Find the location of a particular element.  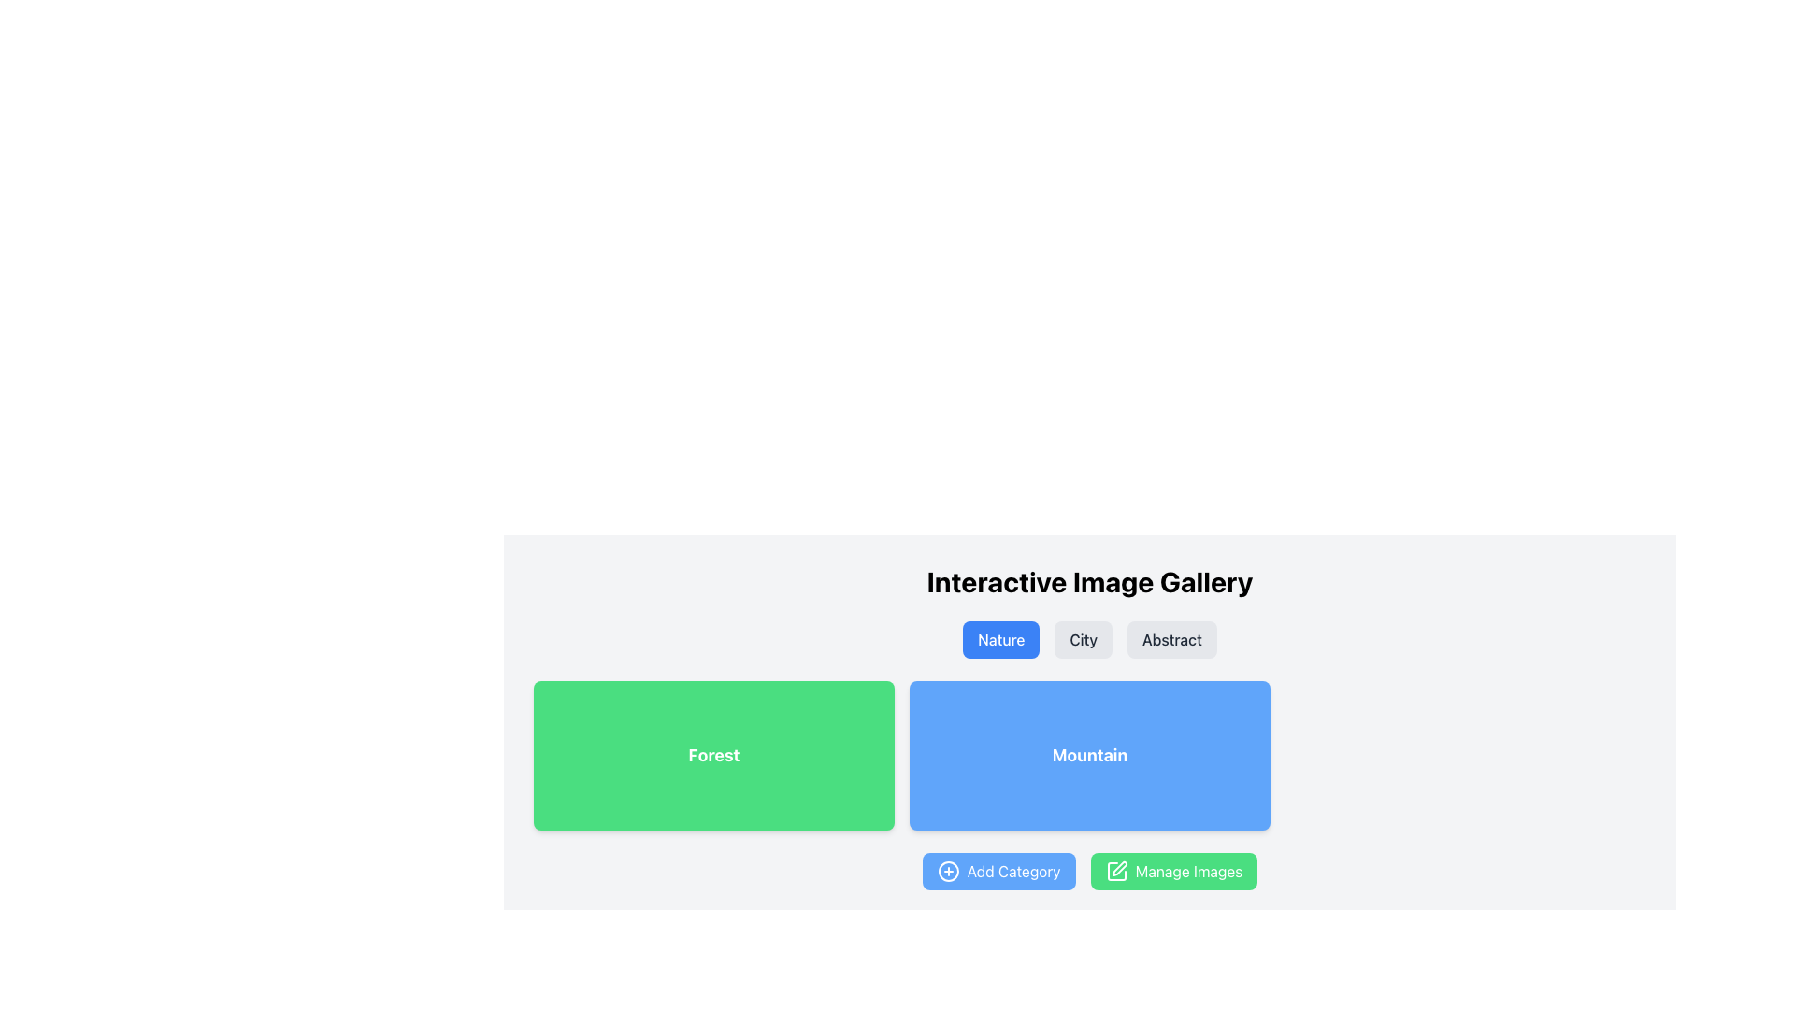

the selectable button representing the 'Forest' category, which is the first item in a grid layout located to the left of the 'Mountain' button is located at coordinates (712, 755).